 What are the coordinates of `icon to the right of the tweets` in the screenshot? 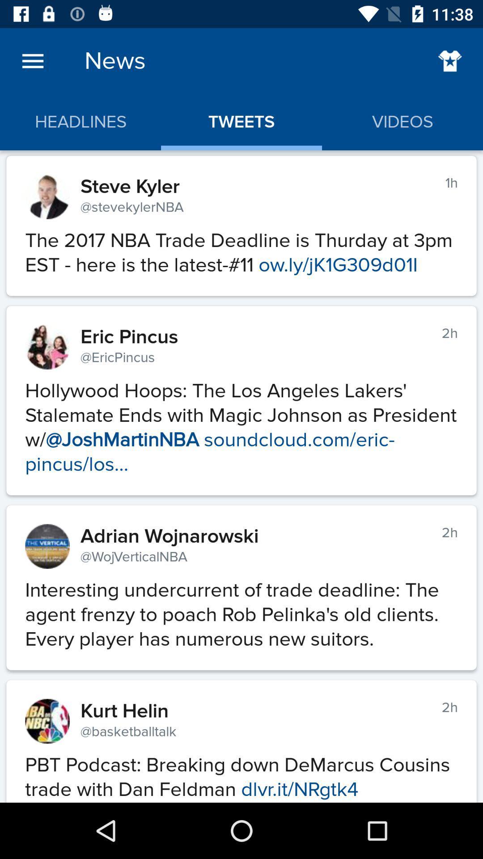 It's located at (450, 60).